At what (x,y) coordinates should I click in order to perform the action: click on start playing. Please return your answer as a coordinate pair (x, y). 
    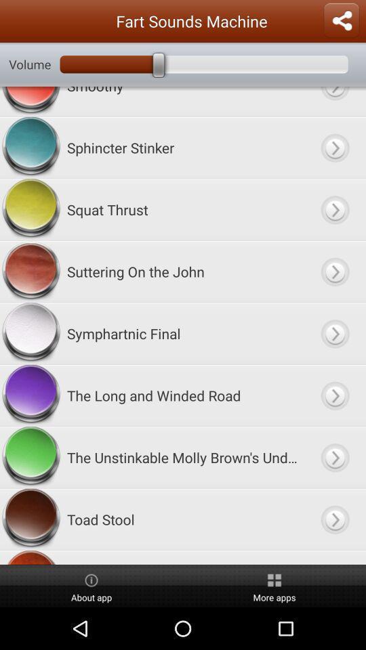
    Looking at the image, I should click on (334, 148).